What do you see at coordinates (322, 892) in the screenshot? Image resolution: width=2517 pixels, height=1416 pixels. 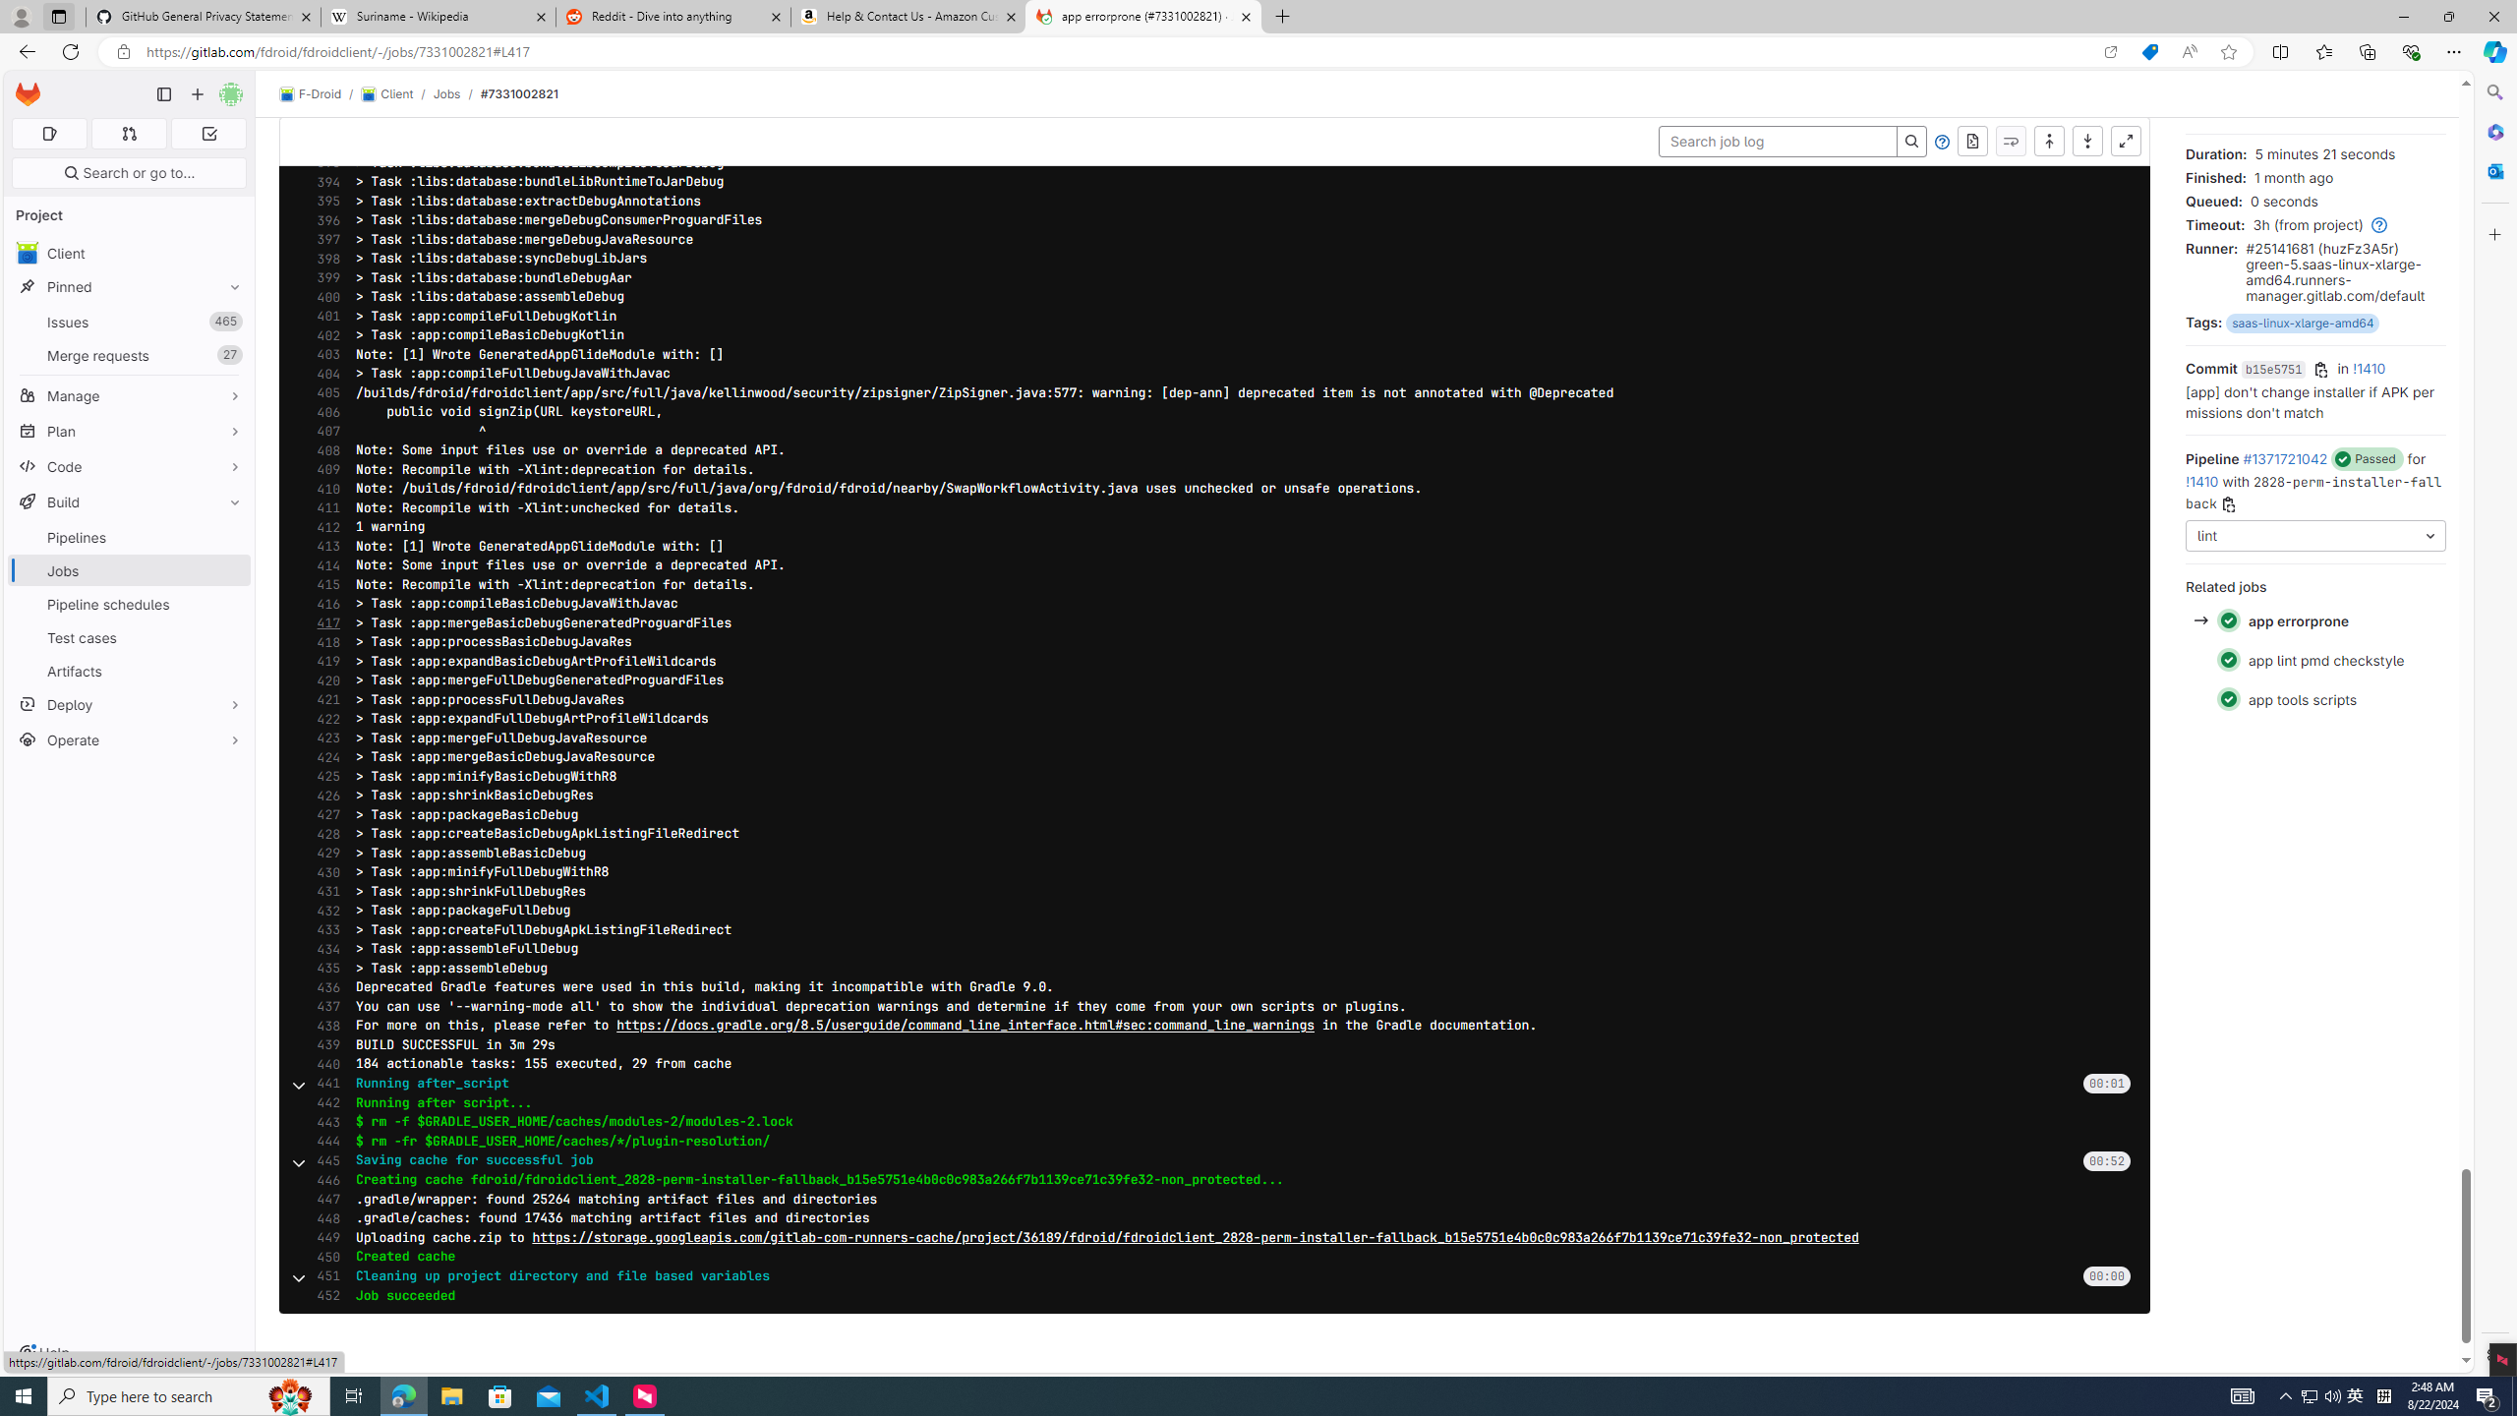 I see `'431'` at bounding box center [322, 892].